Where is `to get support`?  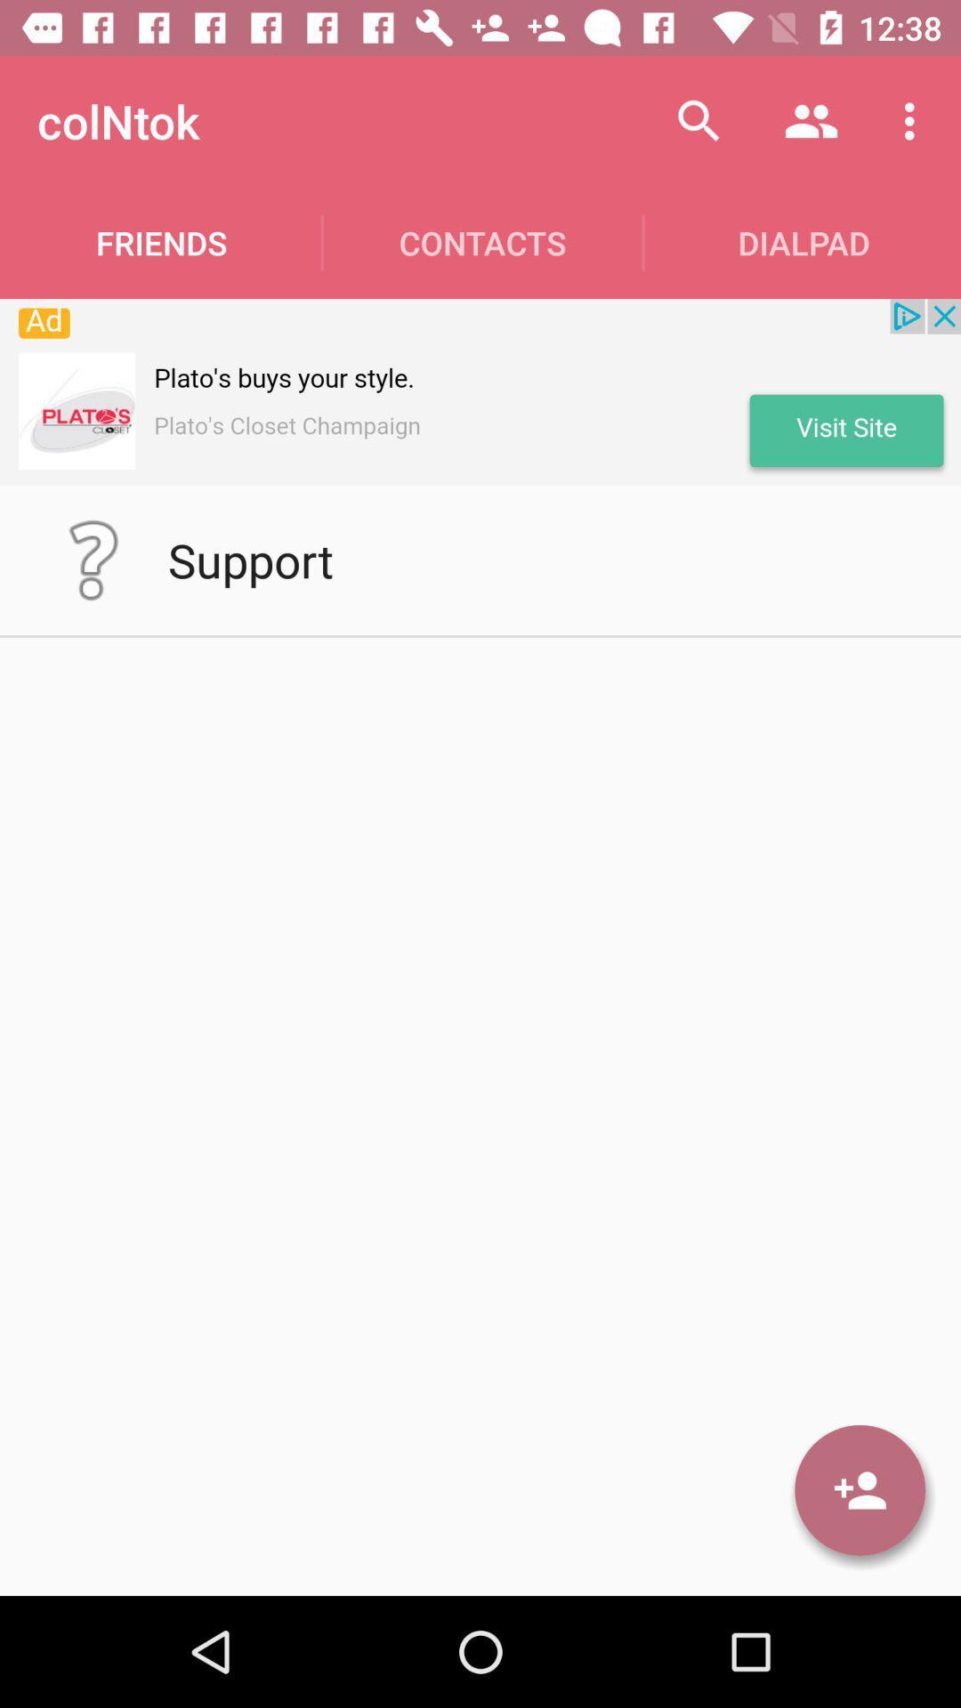
to get support is located at coordinates (93, 559).